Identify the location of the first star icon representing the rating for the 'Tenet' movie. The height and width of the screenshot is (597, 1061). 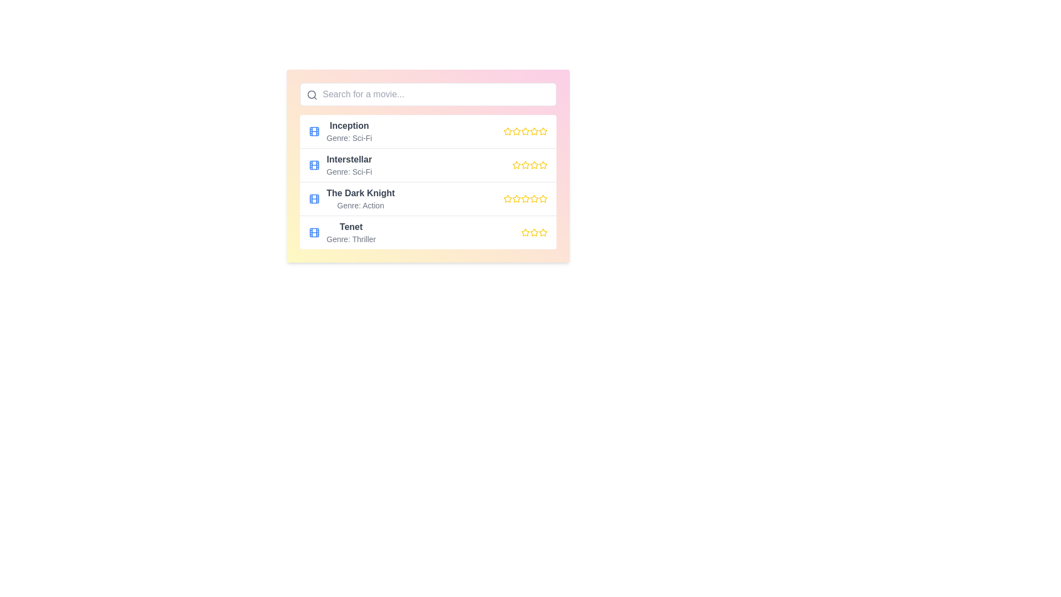
(543, 232).